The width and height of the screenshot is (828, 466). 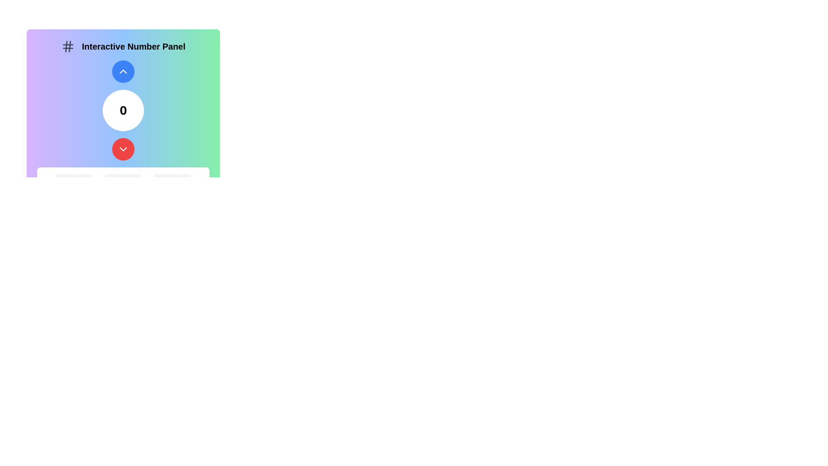 What do you see at coordinates (66, 47) in the screenshot?
I see `the second vertical decorative line of the hash (#) symbol within the SVG graphic, which is centrally aligned and slightly offset to the right` at bounding box center [66, 47].